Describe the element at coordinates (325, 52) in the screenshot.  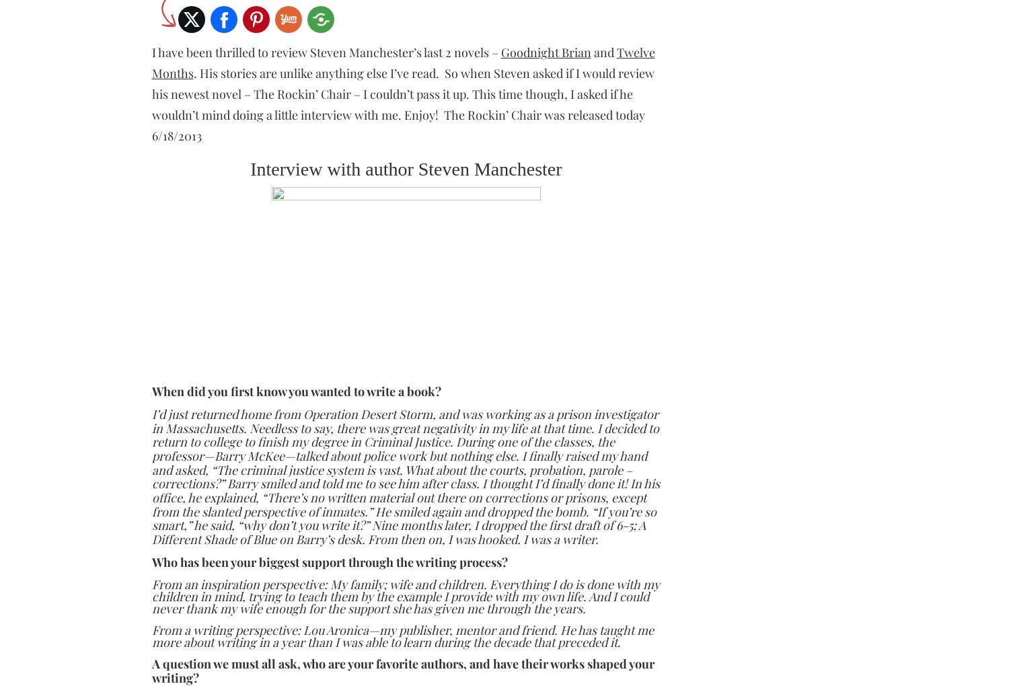
I see `'I have been thrilled to review Steven Manchester’s last 2 novels –'` at that location.